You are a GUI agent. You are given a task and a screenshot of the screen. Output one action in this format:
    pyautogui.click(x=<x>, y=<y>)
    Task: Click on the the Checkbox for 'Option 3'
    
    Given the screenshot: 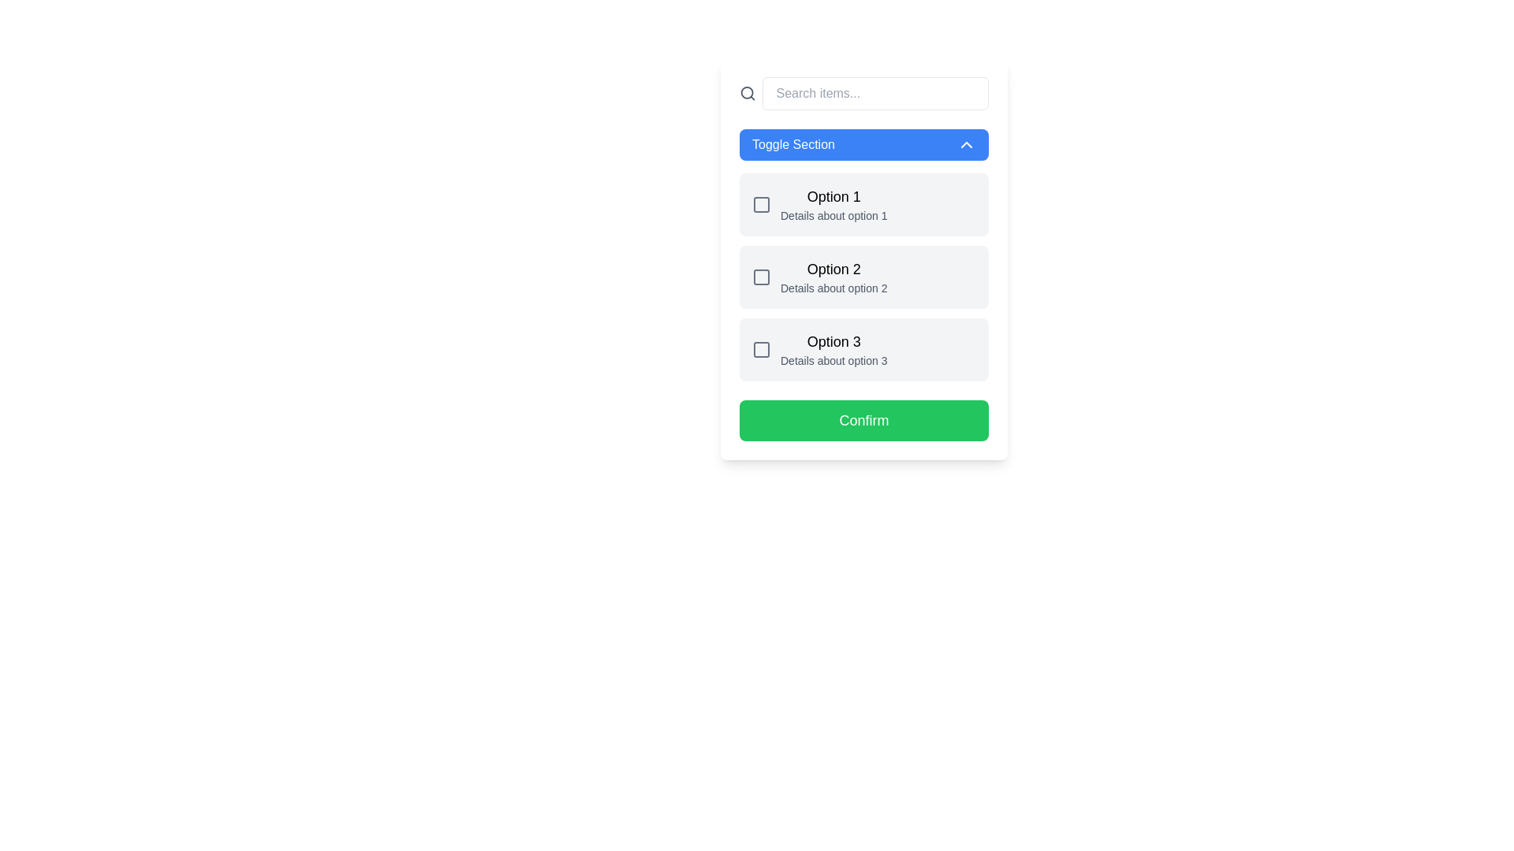 What is the action you would take?
    pyautogui.click(x=819, y=348)
    